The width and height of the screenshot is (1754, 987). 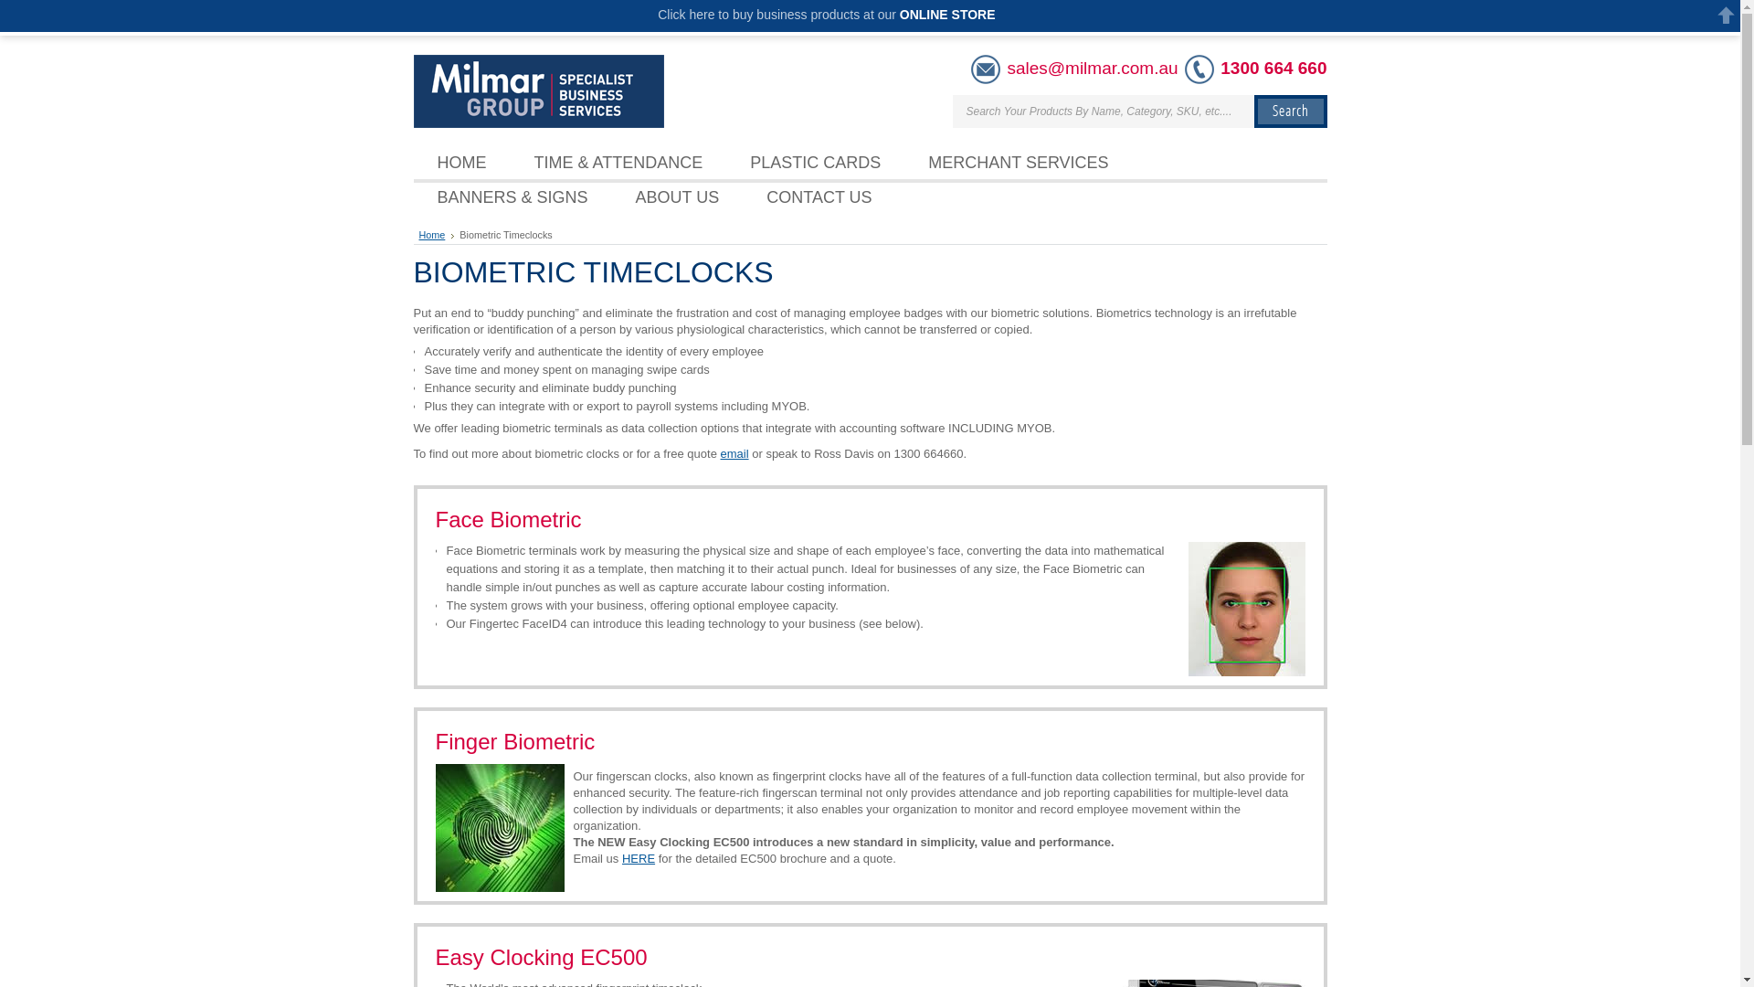 What do you see at coordinates (725, 161) in the screenshot?
I see `'PLASTIC CARDS'` at bounding box center [725, 161].